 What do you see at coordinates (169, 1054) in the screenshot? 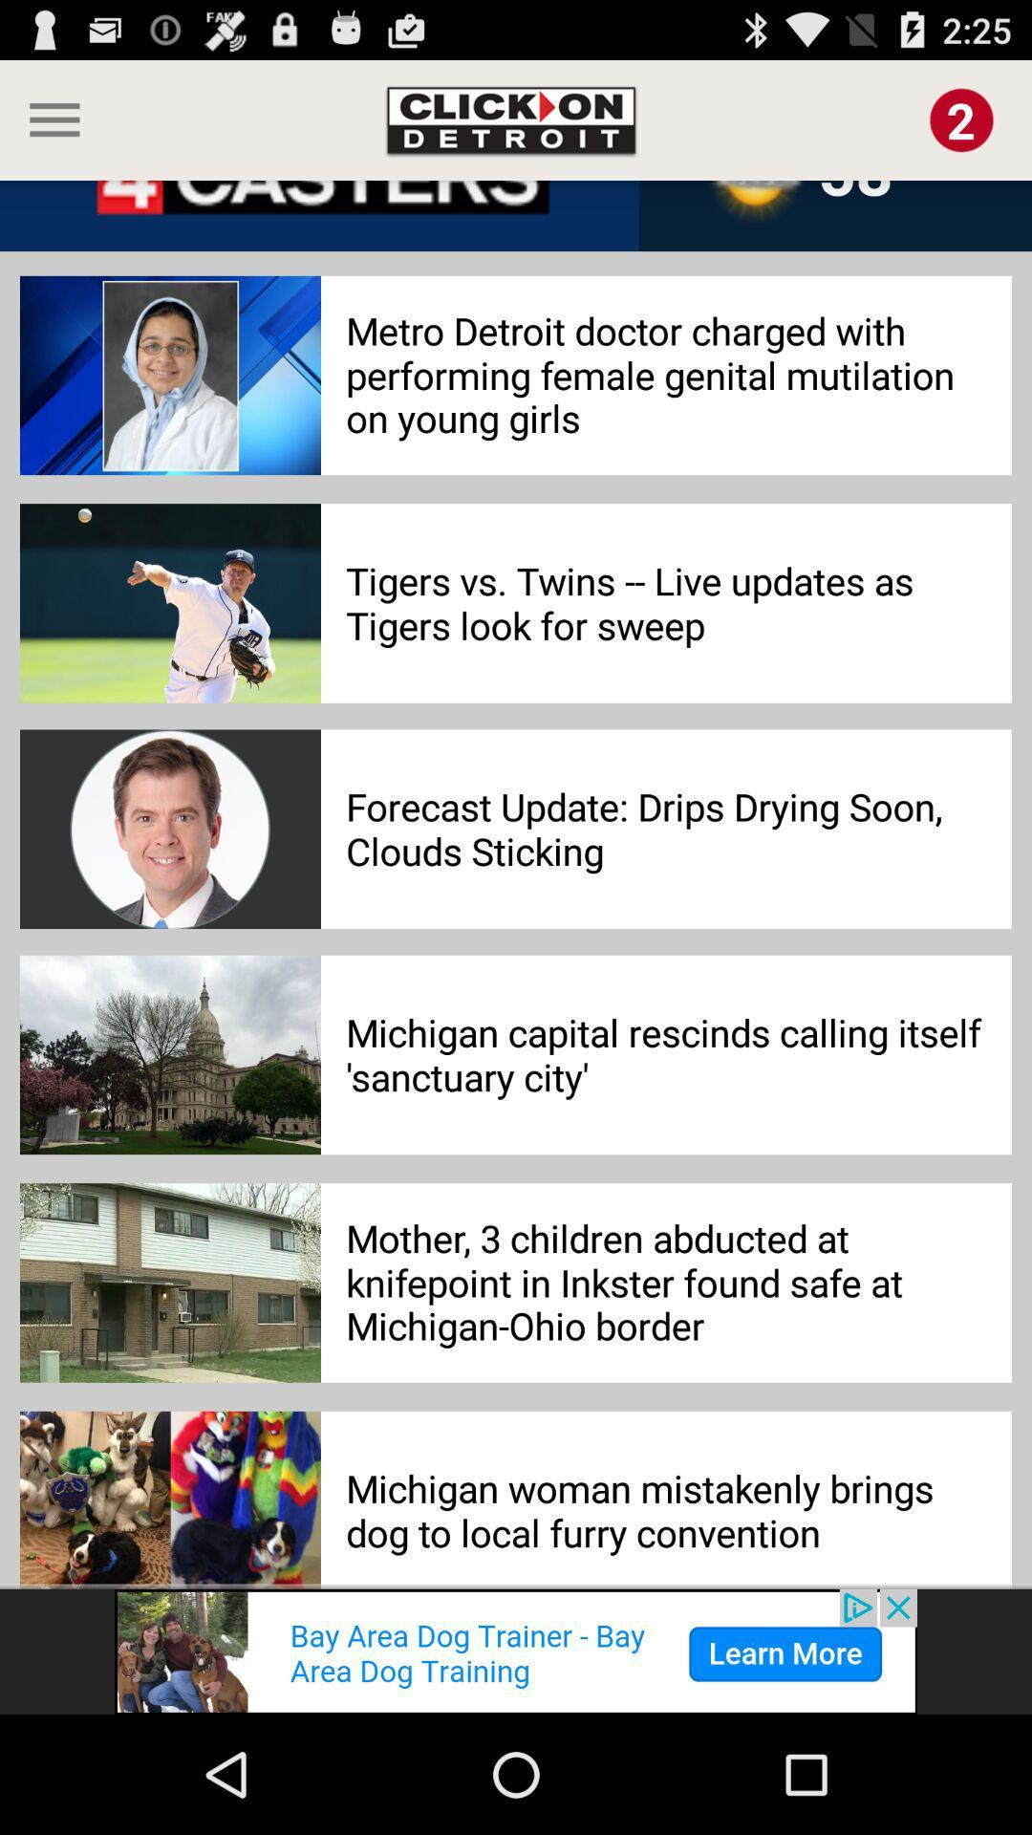
I see `the fourth image in the page` at bounding box center [169, 1054].